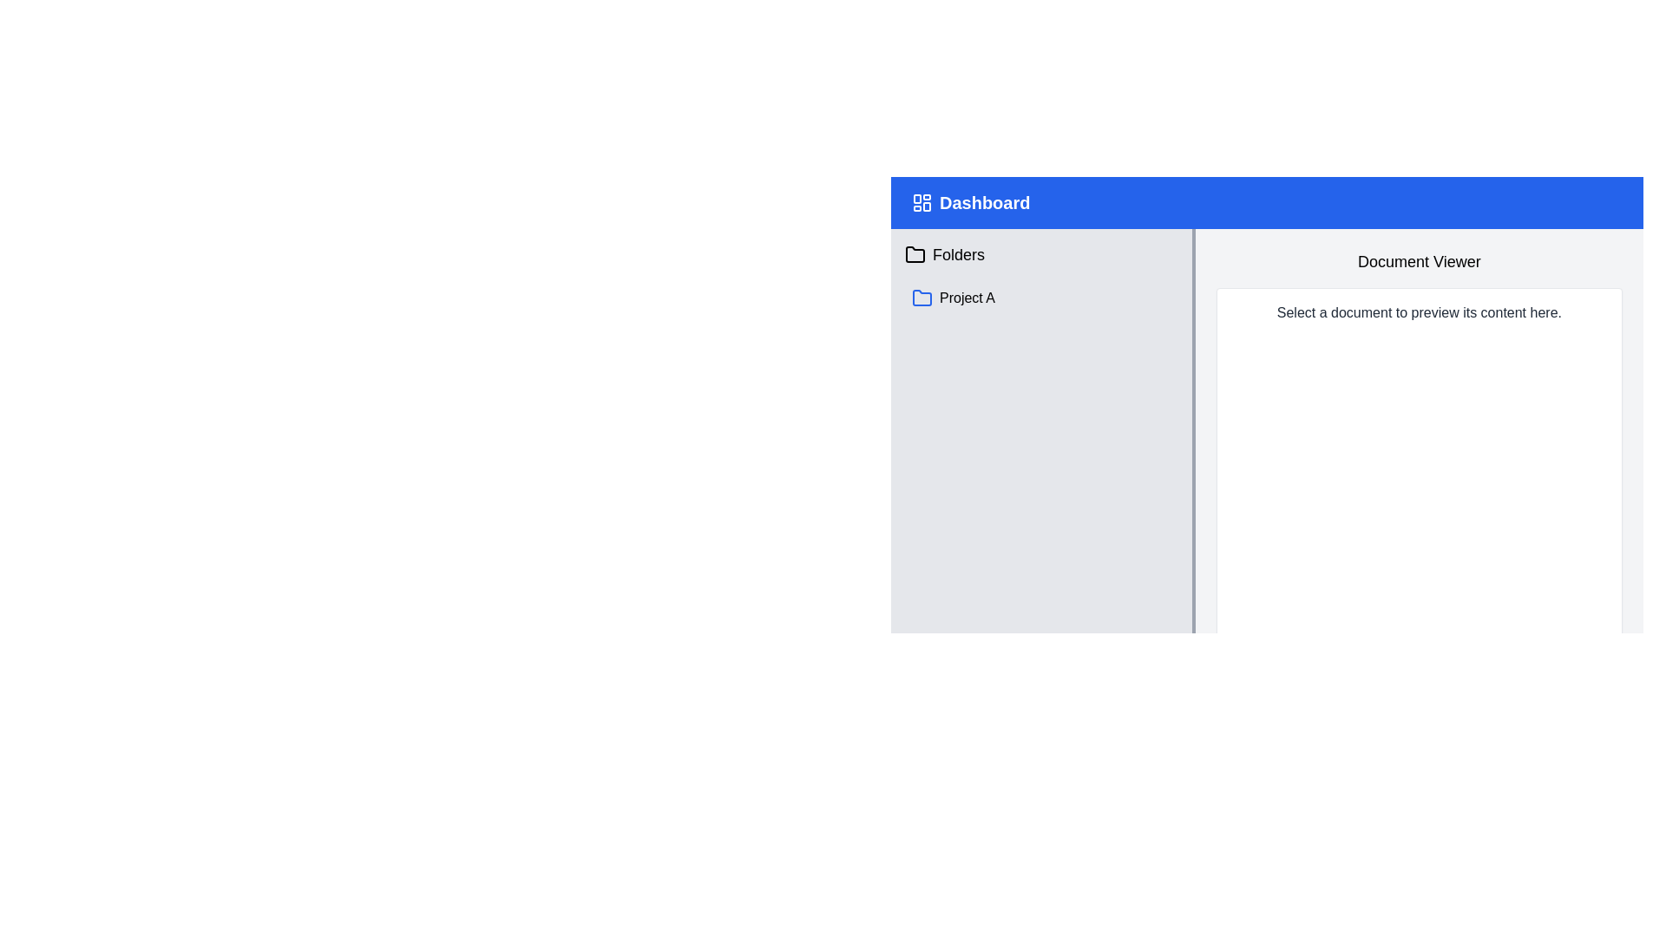 The width and height of the screenshot is (1666, 937). What do you see at coordinates (926, 206) in the screenshot?
I see `the bottom-right rectangle of the 2x2 grid arrangement in the navigation icon located in the blue header bar next to the 'Dashboard' text` at bounding box center [926, 206].